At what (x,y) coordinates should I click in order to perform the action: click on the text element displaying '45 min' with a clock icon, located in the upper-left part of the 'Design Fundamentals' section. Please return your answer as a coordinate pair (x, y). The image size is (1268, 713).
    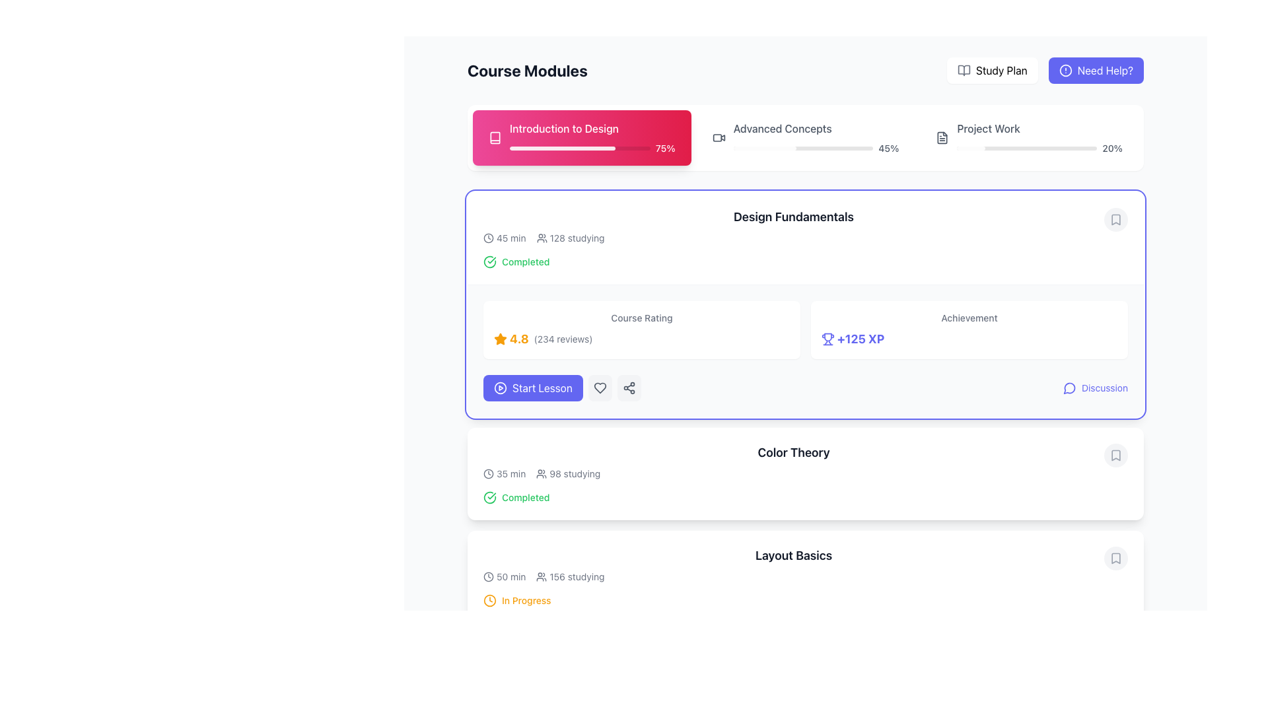
    Looking at the image, I should click on (504, 238).